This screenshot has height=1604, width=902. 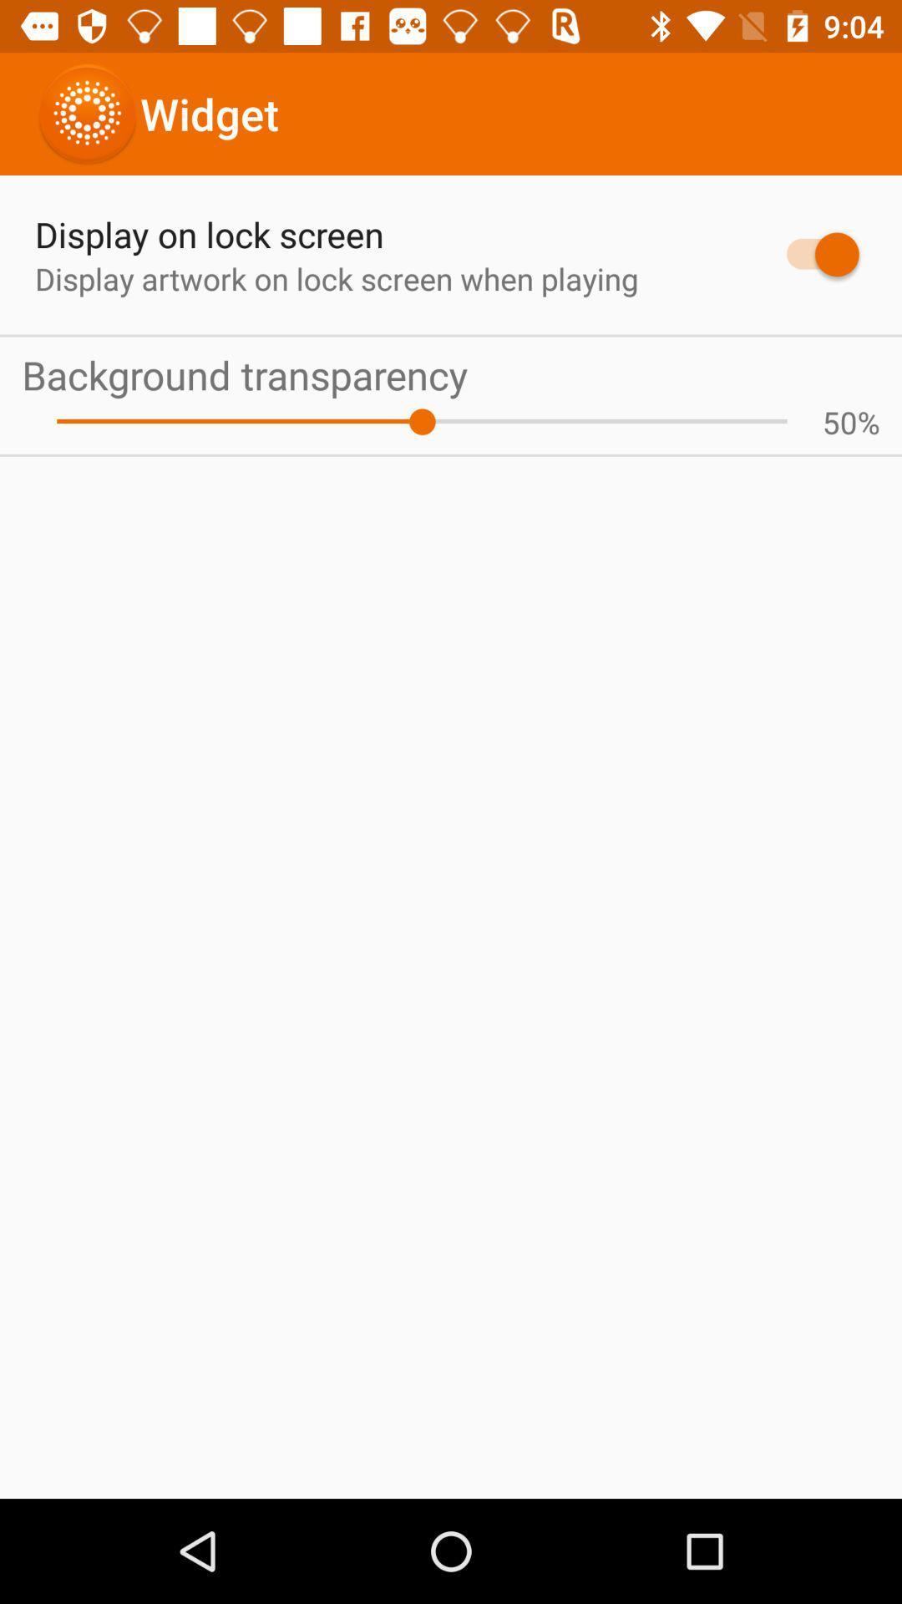 What do you see at coordinates (813, 253) in the screenshot?
I see `the app to the right of display artwork on app` at bounding box center [813, 253].